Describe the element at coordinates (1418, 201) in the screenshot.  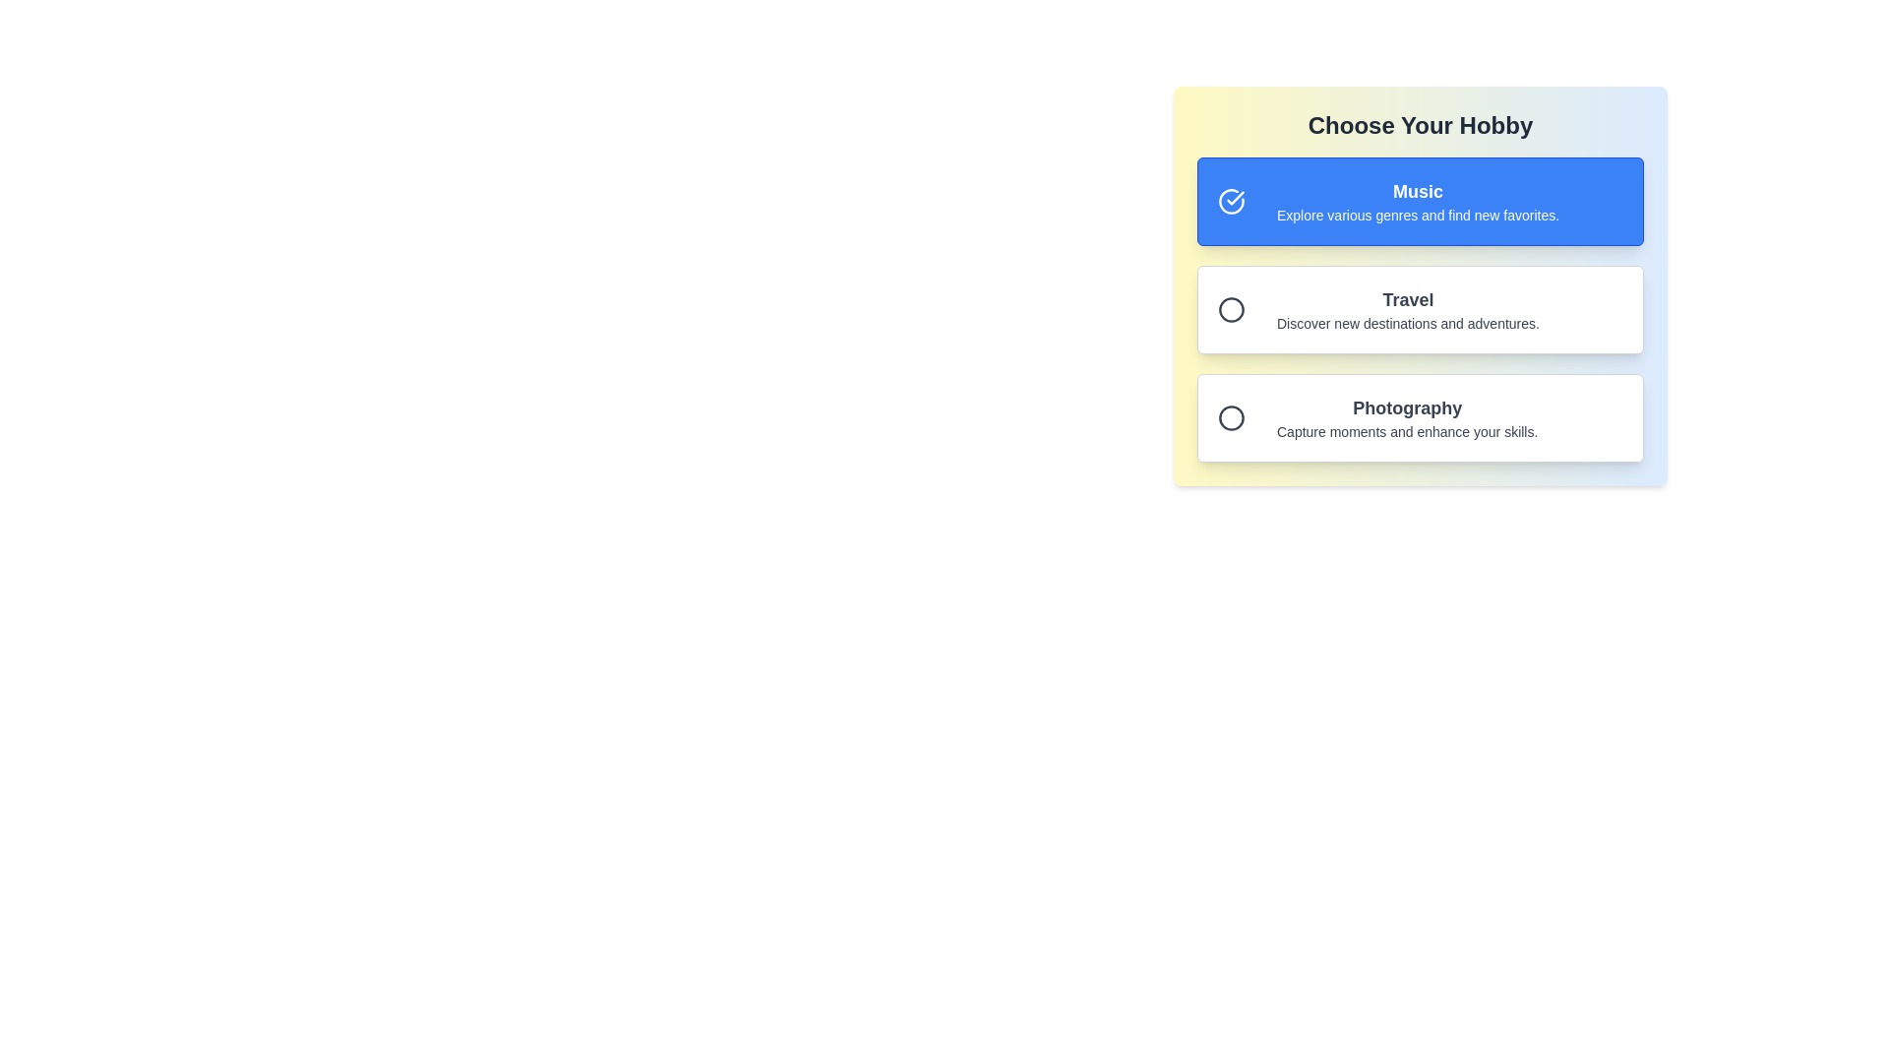
I see `the Text block that provides descriptive information about the 'Music' selection option, located centrally within the first selection card of the interface titled 'Choose Your Hobby.'` at that location.